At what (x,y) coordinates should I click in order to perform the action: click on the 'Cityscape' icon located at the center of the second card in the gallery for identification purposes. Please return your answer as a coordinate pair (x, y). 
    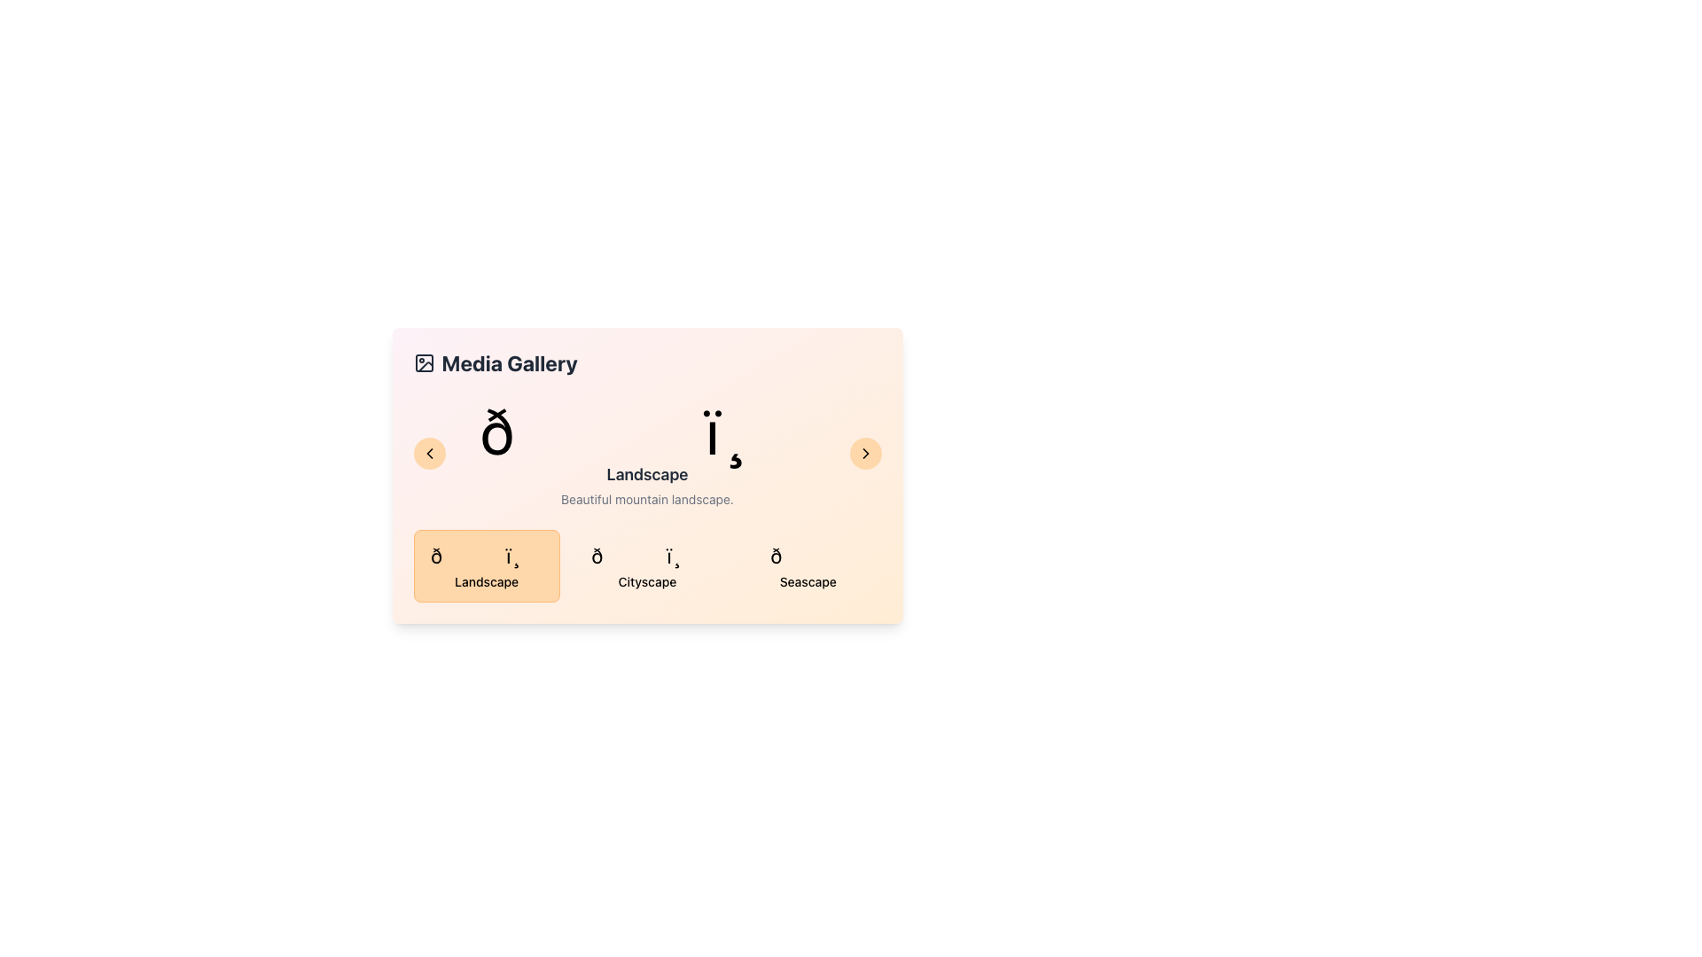
    Looking at the image, I should click on (646, 555).